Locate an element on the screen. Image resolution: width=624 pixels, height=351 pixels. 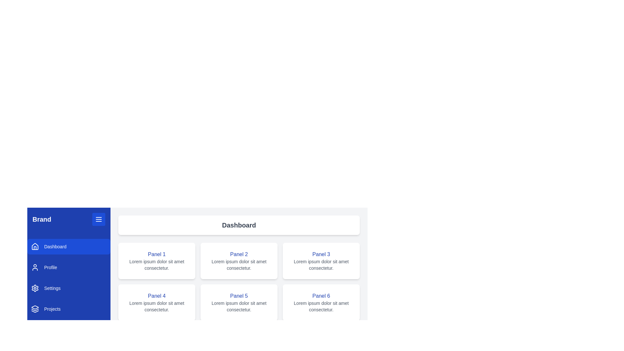
the Sidebar navigation menu is located at coordinates (69, 278).